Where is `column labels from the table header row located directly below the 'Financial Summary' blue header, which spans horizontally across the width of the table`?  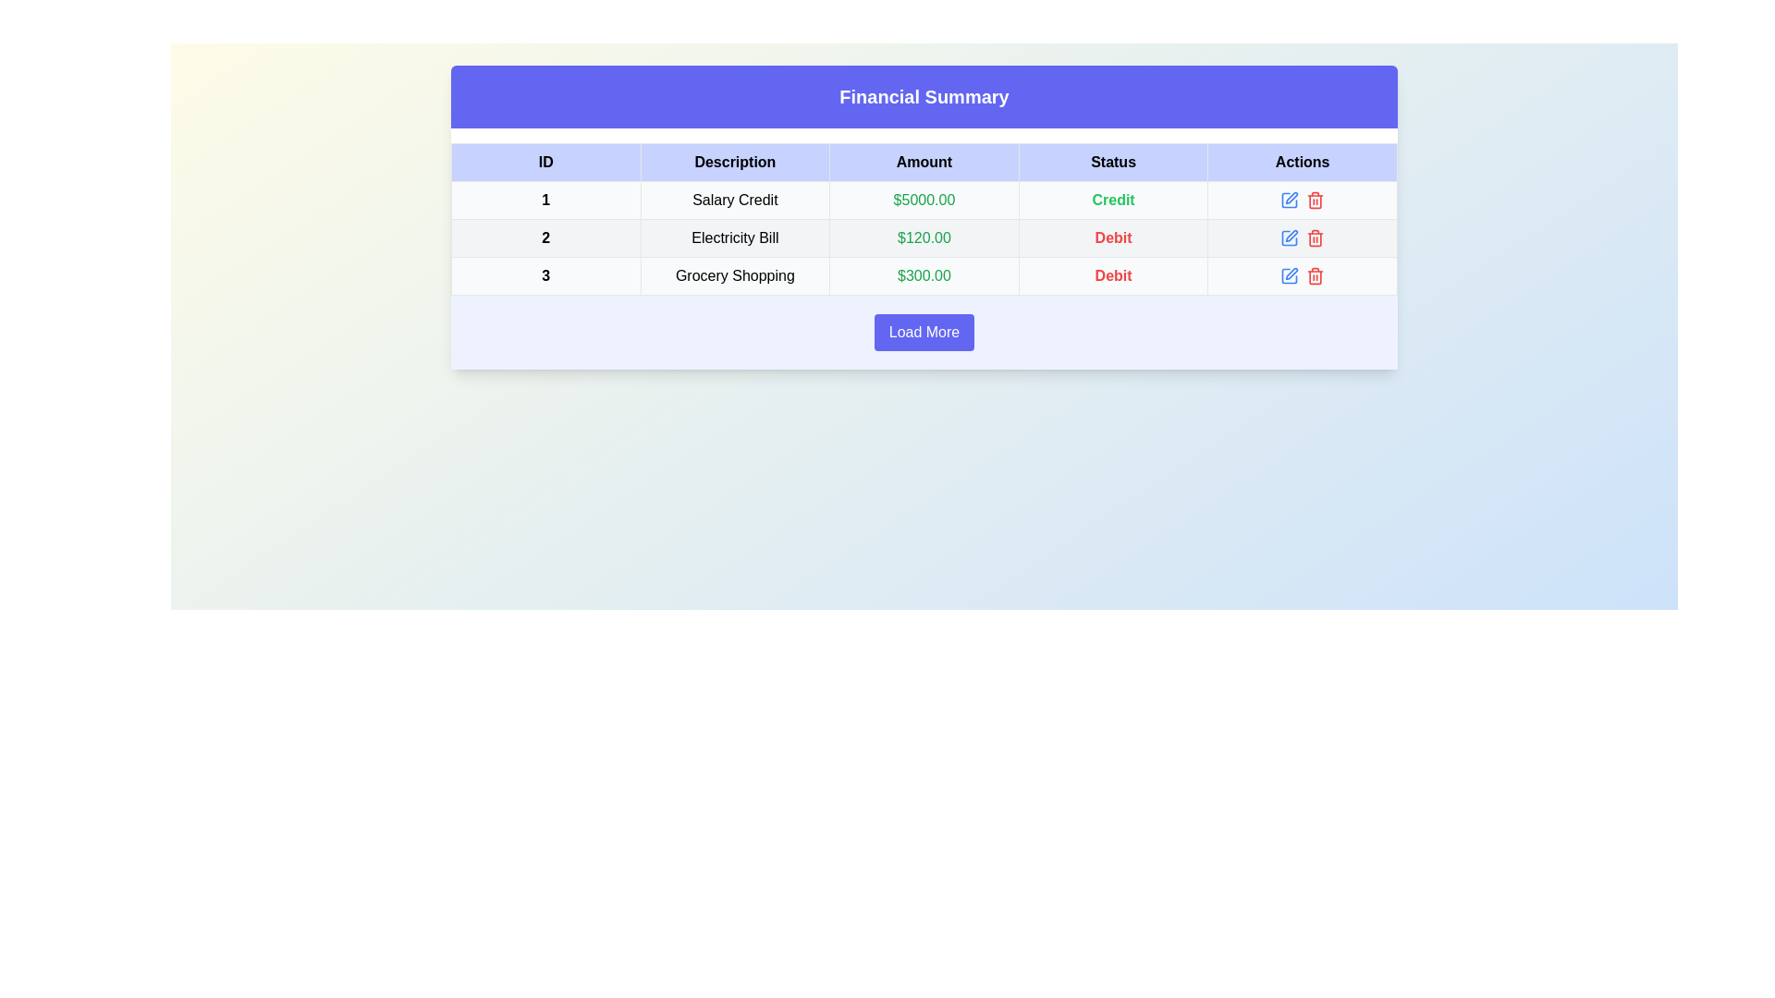 column labels from the table header row located directly below the 'Financial Summary' blue header, which spans horizontally across the width of the table is located at coordinates (924, 162).